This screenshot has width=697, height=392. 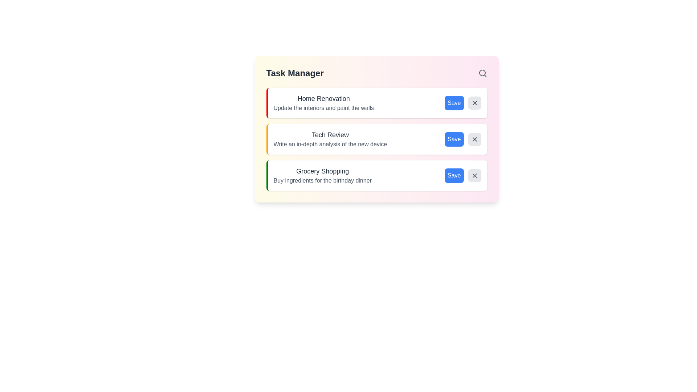 What do you see at coordinates (474, 103) in the screenshot?
I see `'X' button to remove the task item 'Home Renovation'` at bounding box center [474, 103].